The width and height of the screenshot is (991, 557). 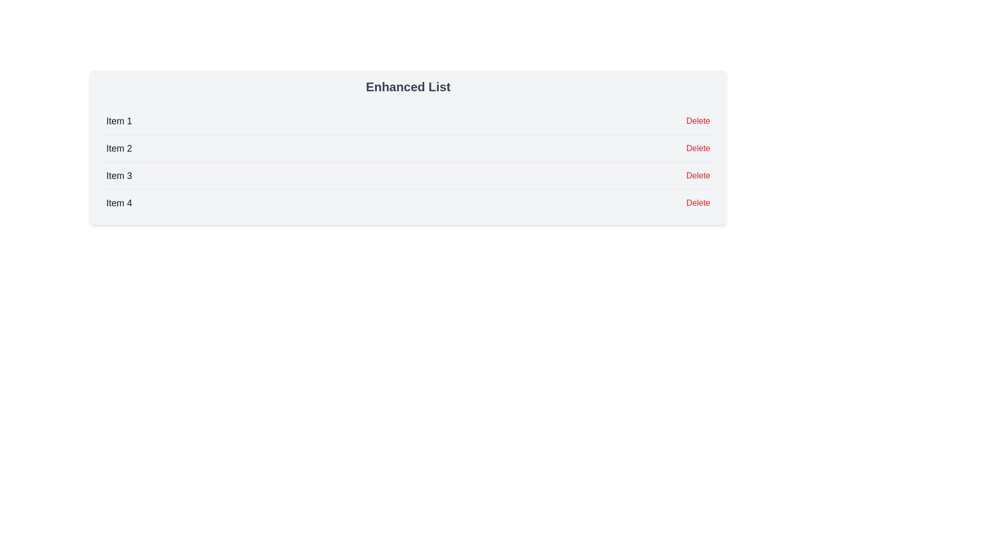 What do you see at coordinates (119, 149) in the screenshot?
I see `the Text label indicating the second item in the list, which is located in the second row of a 4-item vertical list, positioned towards the left side of its row, adjacent to a 'Delete' button` at bounding box center [119, 149].